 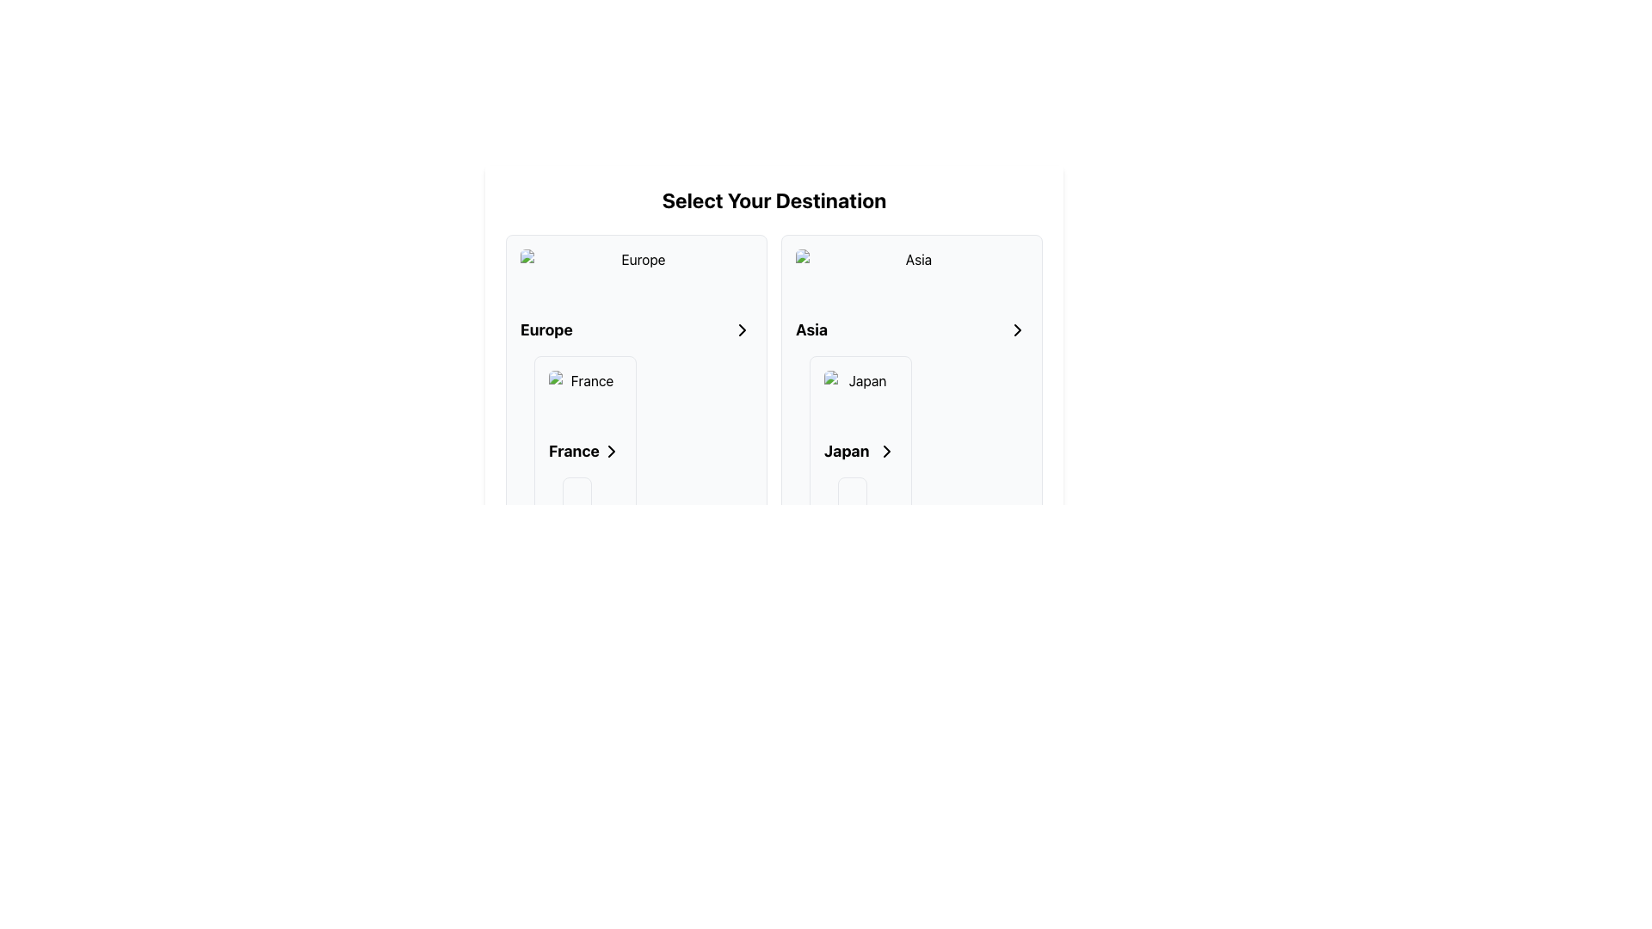 What do you see at coordinates (774, 199) in the screenshot?
I see `the prominently styled text label that says 'Select Your Destination', which is a bold and large font heading located at the top of the section` at bounding box center [774, 199].